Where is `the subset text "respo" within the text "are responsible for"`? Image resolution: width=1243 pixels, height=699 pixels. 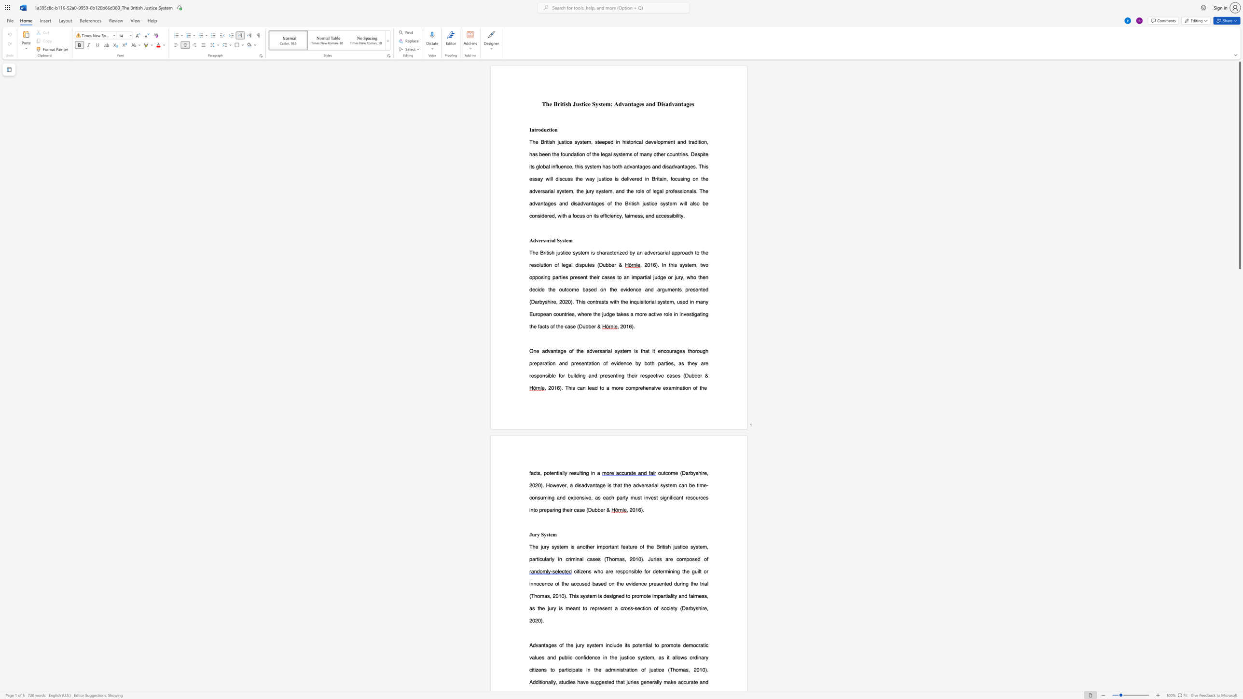
the subset text "respo" within the text "are responsible for" is located at coordinates (615, 571).